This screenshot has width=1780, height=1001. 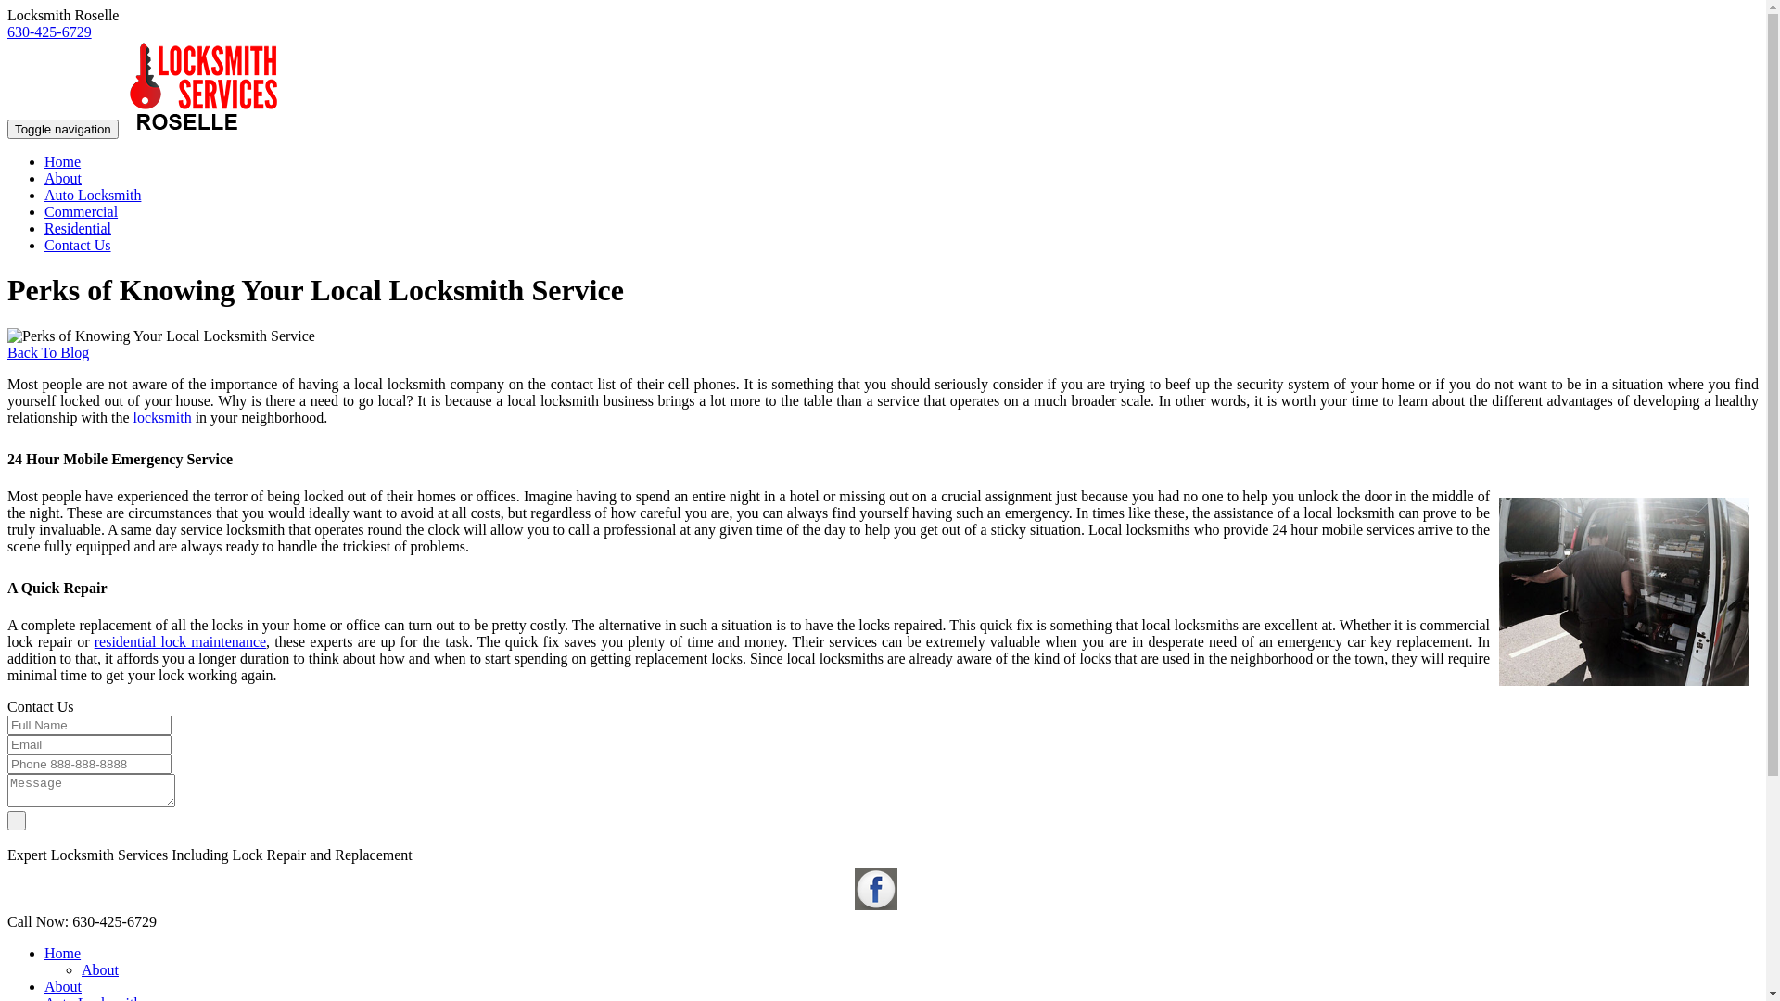 What do you see at coordinates (1623, 591) in the screenshot?
I see `'Perks of Knowing Your Local Locksmith Service'` at bounding box center [1623, 591].